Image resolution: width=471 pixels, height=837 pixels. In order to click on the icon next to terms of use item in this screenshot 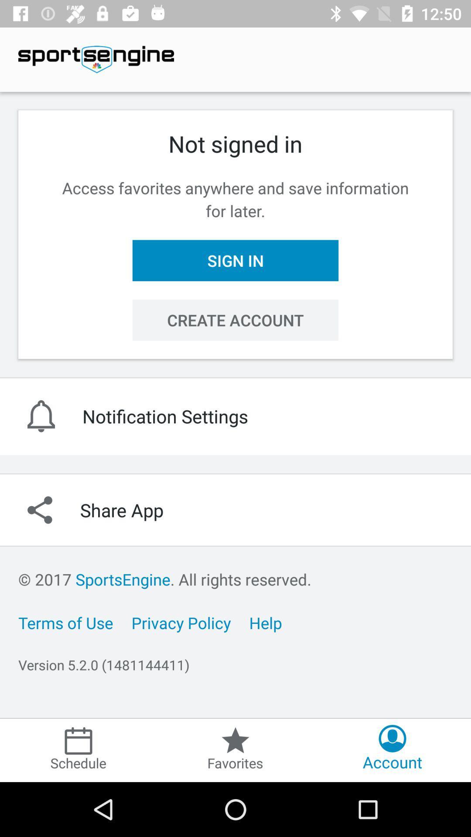, I will do `click(181, 622)`.